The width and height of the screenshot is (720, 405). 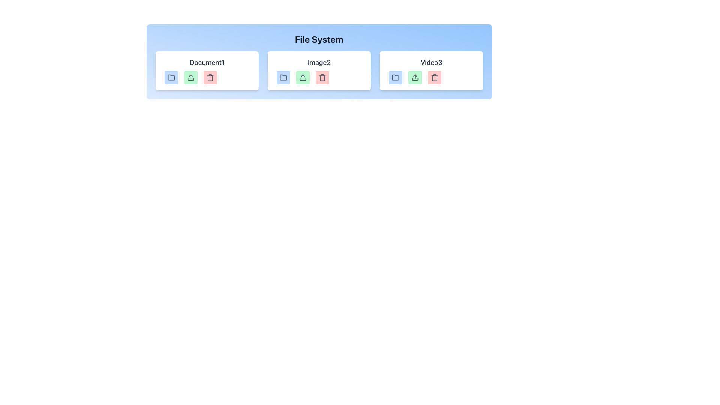 What do you see at coordinates (319, 62) in the screenshot?
I see `the Text Label displaying 'Image2' which is centered in a white card under the 'File System' heading` at bounding box center [319, 62].